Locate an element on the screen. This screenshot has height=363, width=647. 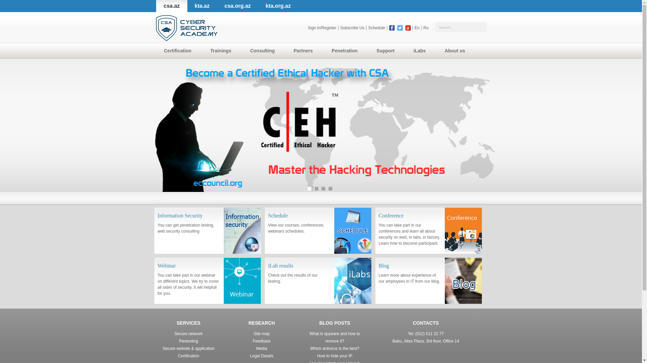
'Tel: (012) 511 22 77' is located at coordinates (425, 333).